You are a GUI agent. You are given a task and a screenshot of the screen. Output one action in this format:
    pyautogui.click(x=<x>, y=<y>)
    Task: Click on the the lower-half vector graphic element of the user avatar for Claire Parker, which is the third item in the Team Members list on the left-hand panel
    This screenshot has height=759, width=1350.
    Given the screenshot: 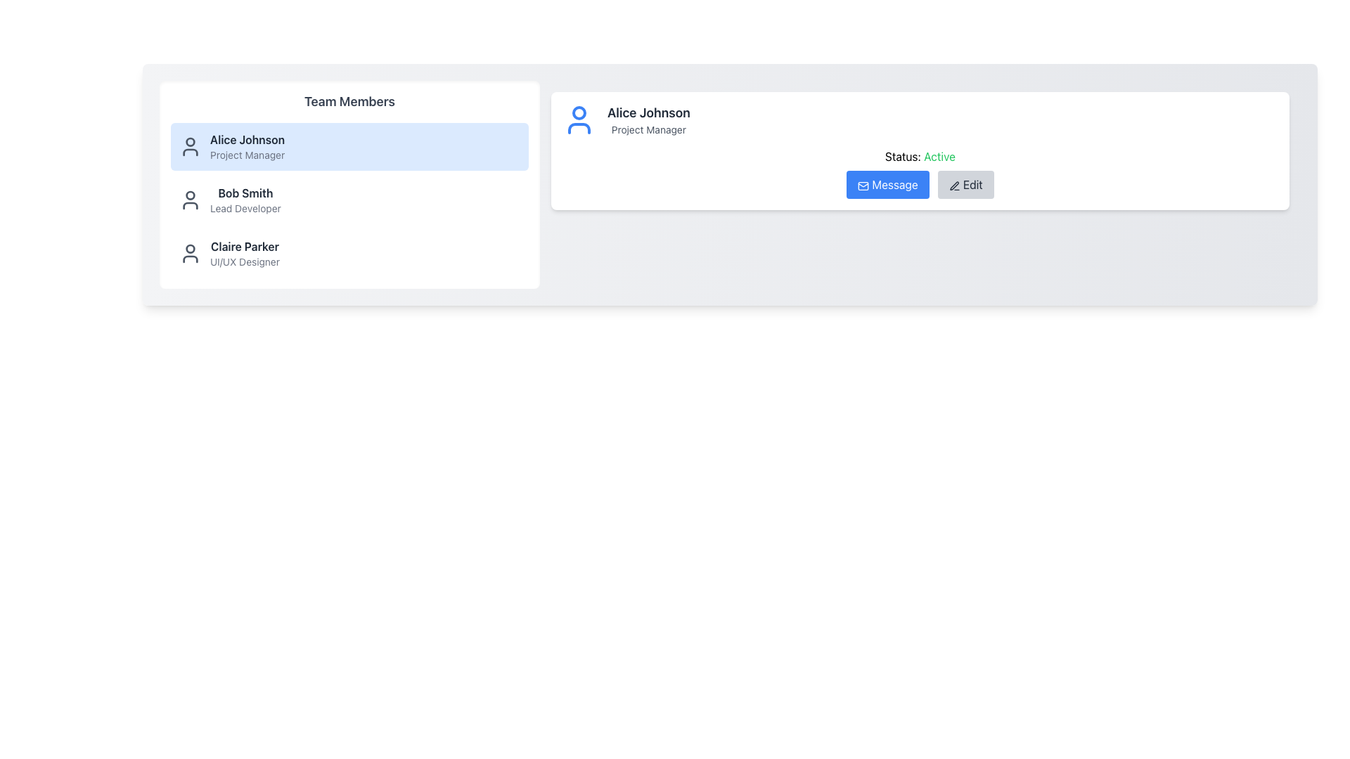 What is the action you would take?
    pyautogui.click(x=189, y=259)
    